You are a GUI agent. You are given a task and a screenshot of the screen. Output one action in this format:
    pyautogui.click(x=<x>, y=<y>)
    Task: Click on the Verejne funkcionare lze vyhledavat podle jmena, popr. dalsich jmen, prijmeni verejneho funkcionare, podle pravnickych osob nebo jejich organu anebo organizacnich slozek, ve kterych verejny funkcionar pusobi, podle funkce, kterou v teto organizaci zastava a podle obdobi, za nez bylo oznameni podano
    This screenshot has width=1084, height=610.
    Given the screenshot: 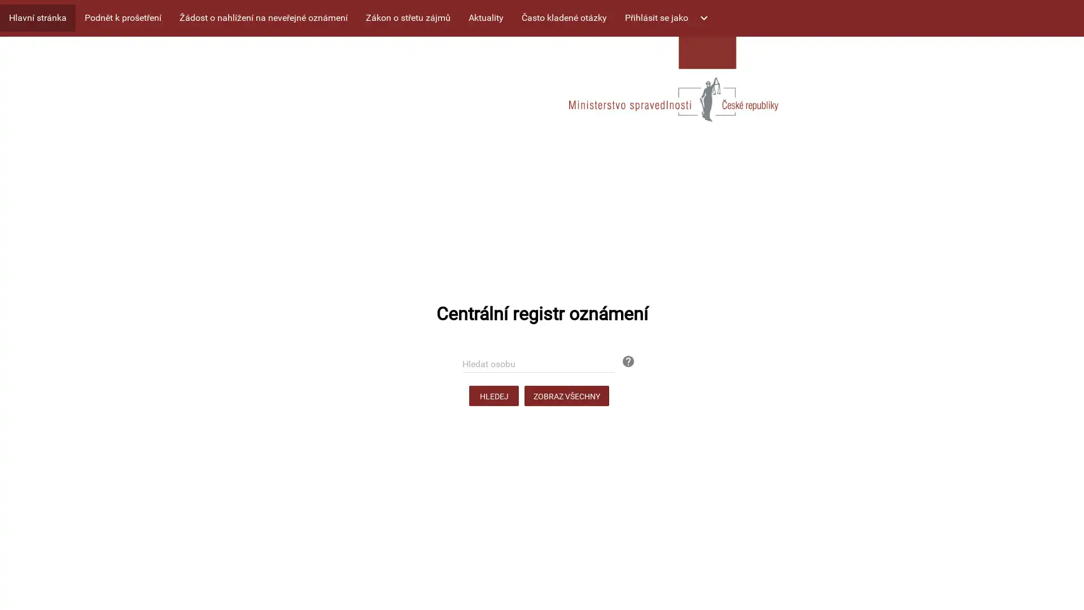 What is the action you would take?
    pyautogui.click(x=620, y=354)
    